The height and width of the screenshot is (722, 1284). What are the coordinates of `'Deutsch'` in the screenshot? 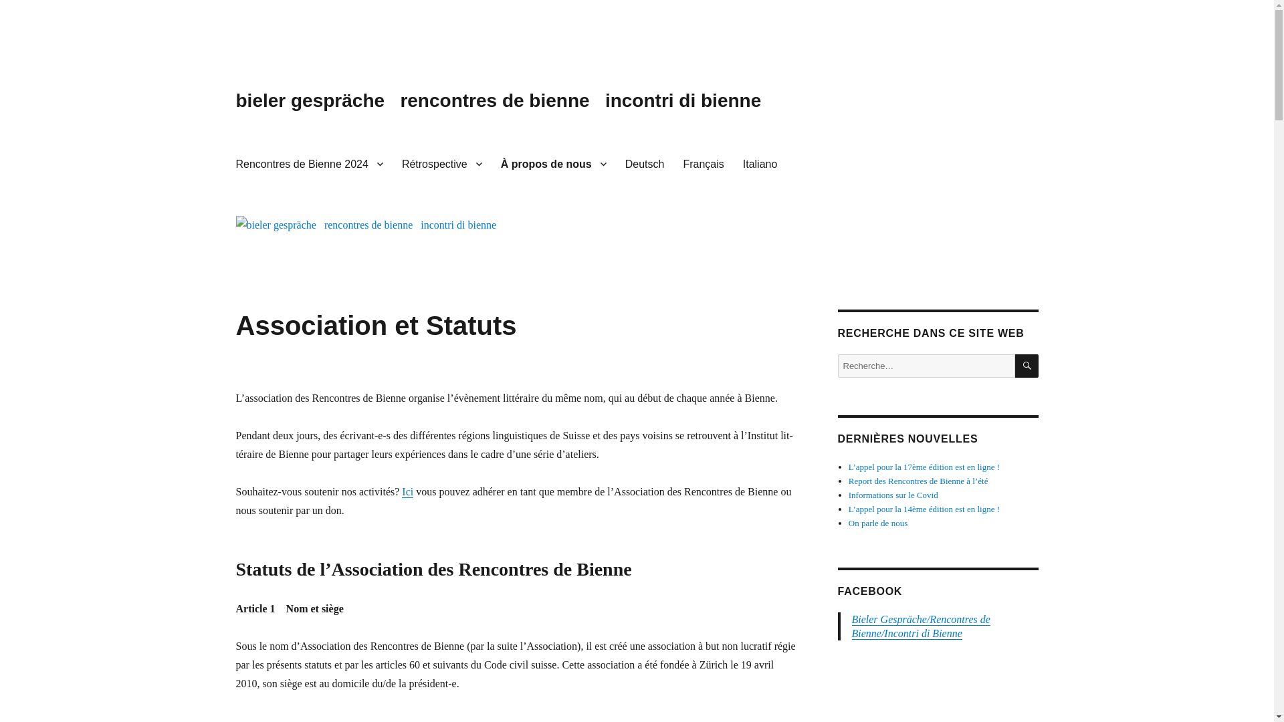 It's located at (615, 163).